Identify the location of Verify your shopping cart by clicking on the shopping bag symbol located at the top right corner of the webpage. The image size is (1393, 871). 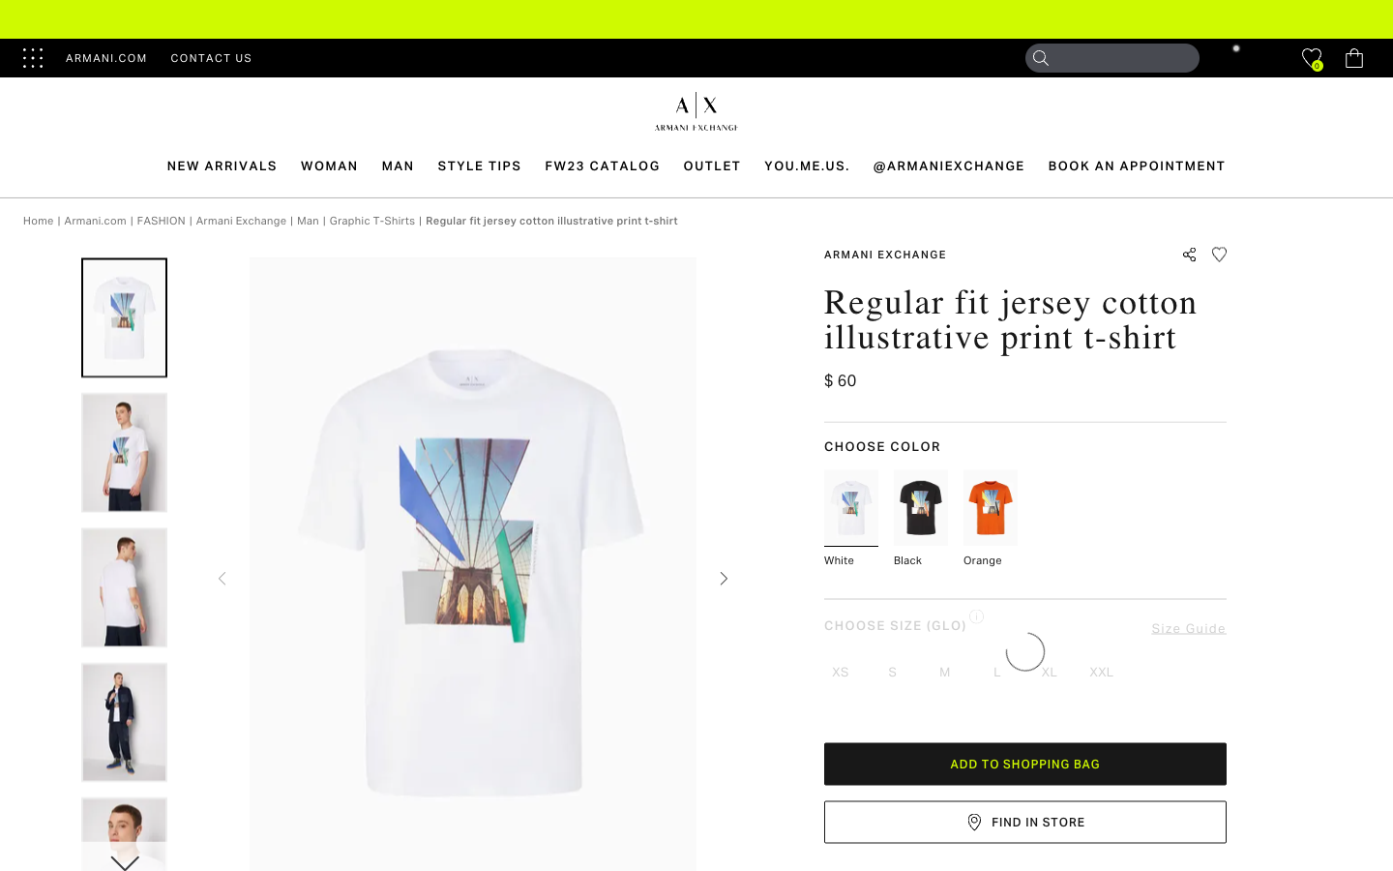
(1353, 57).